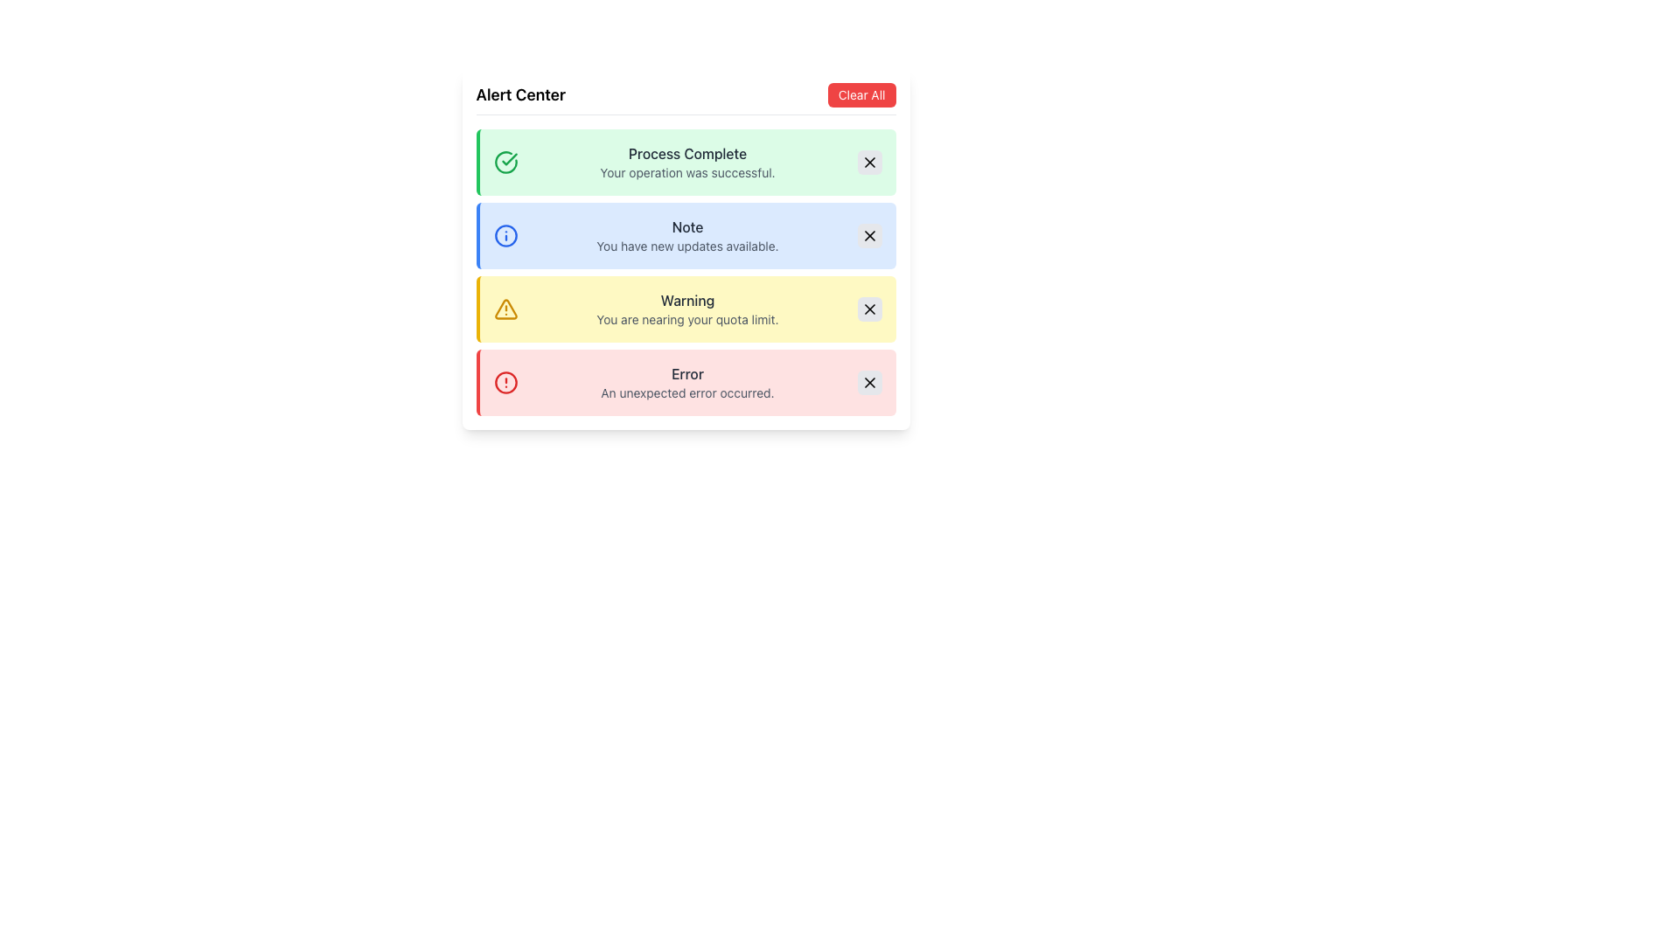 Image resolution: width=1679 pixels, height=944 pixels. Describe the element at coordinates (869, 309) in the screenshot. I see `the close button icon located in the top-right corner of the 'Warning' alert box` at that location.